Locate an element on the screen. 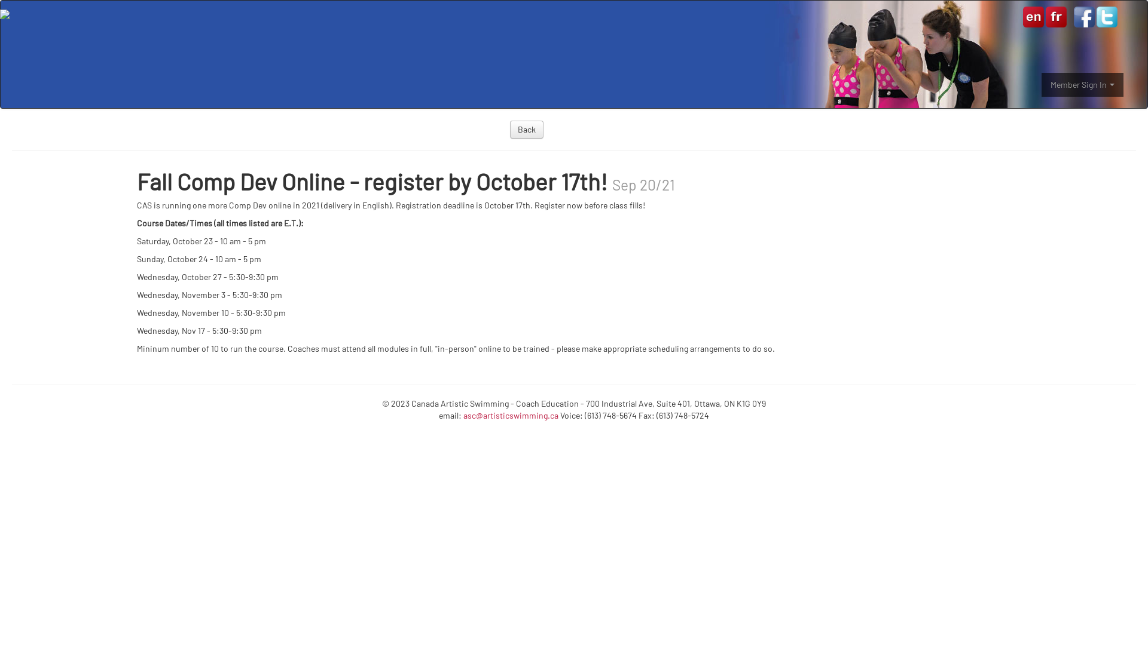  'English' is located at coordinates (1033, 16).